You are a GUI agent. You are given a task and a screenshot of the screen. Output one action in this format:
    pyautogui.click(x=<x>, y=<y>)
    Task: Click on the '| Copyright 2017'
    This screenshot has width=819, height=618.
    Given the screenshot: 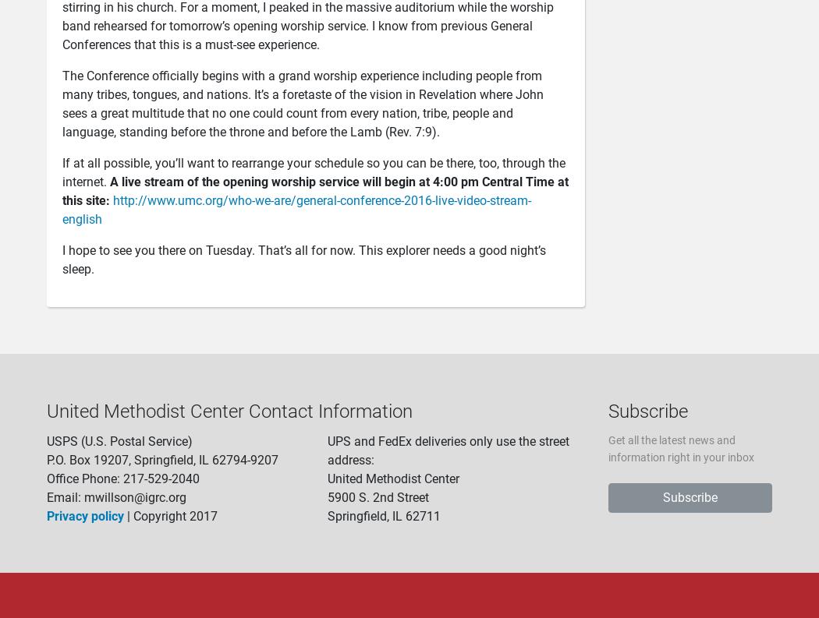 What is the action you would take?
    pyautogui.click(x=170, y=514)
    